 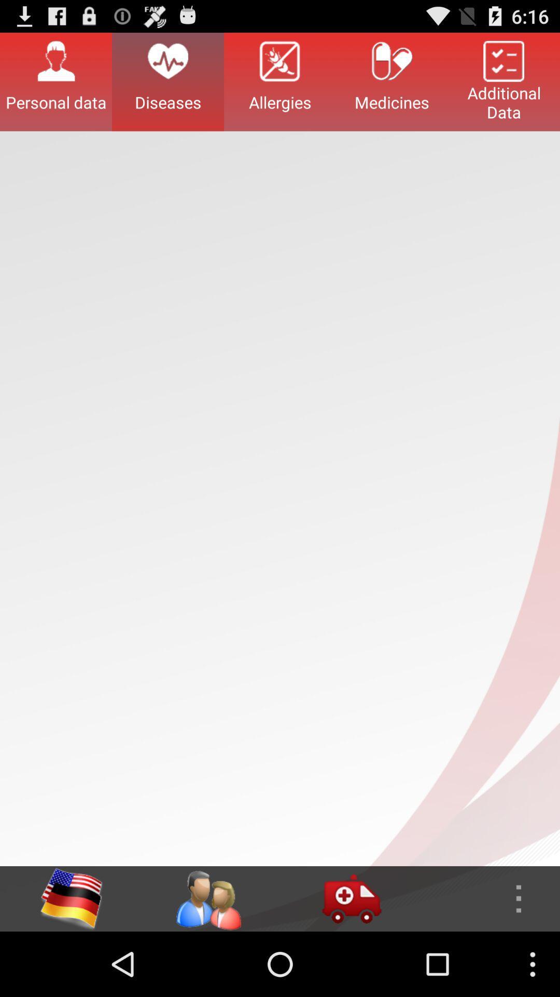 I want to click on item below the allergies icon, so click(x=351, y=898).